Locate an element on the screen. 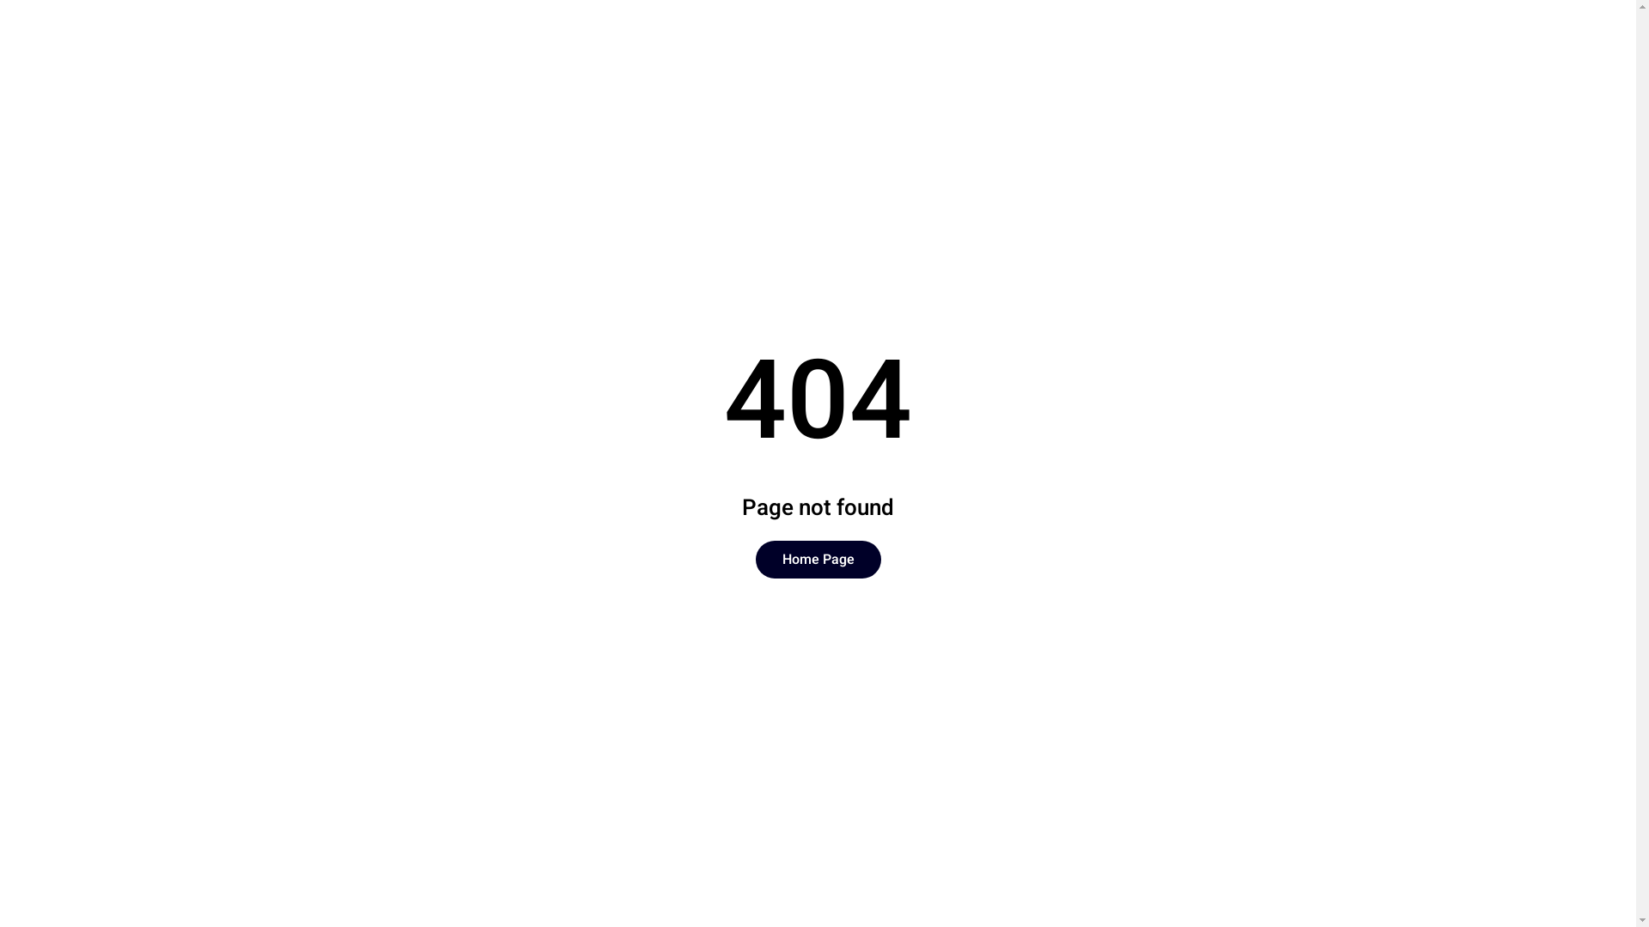  'Home Page' is located at coordinates (818, 559).